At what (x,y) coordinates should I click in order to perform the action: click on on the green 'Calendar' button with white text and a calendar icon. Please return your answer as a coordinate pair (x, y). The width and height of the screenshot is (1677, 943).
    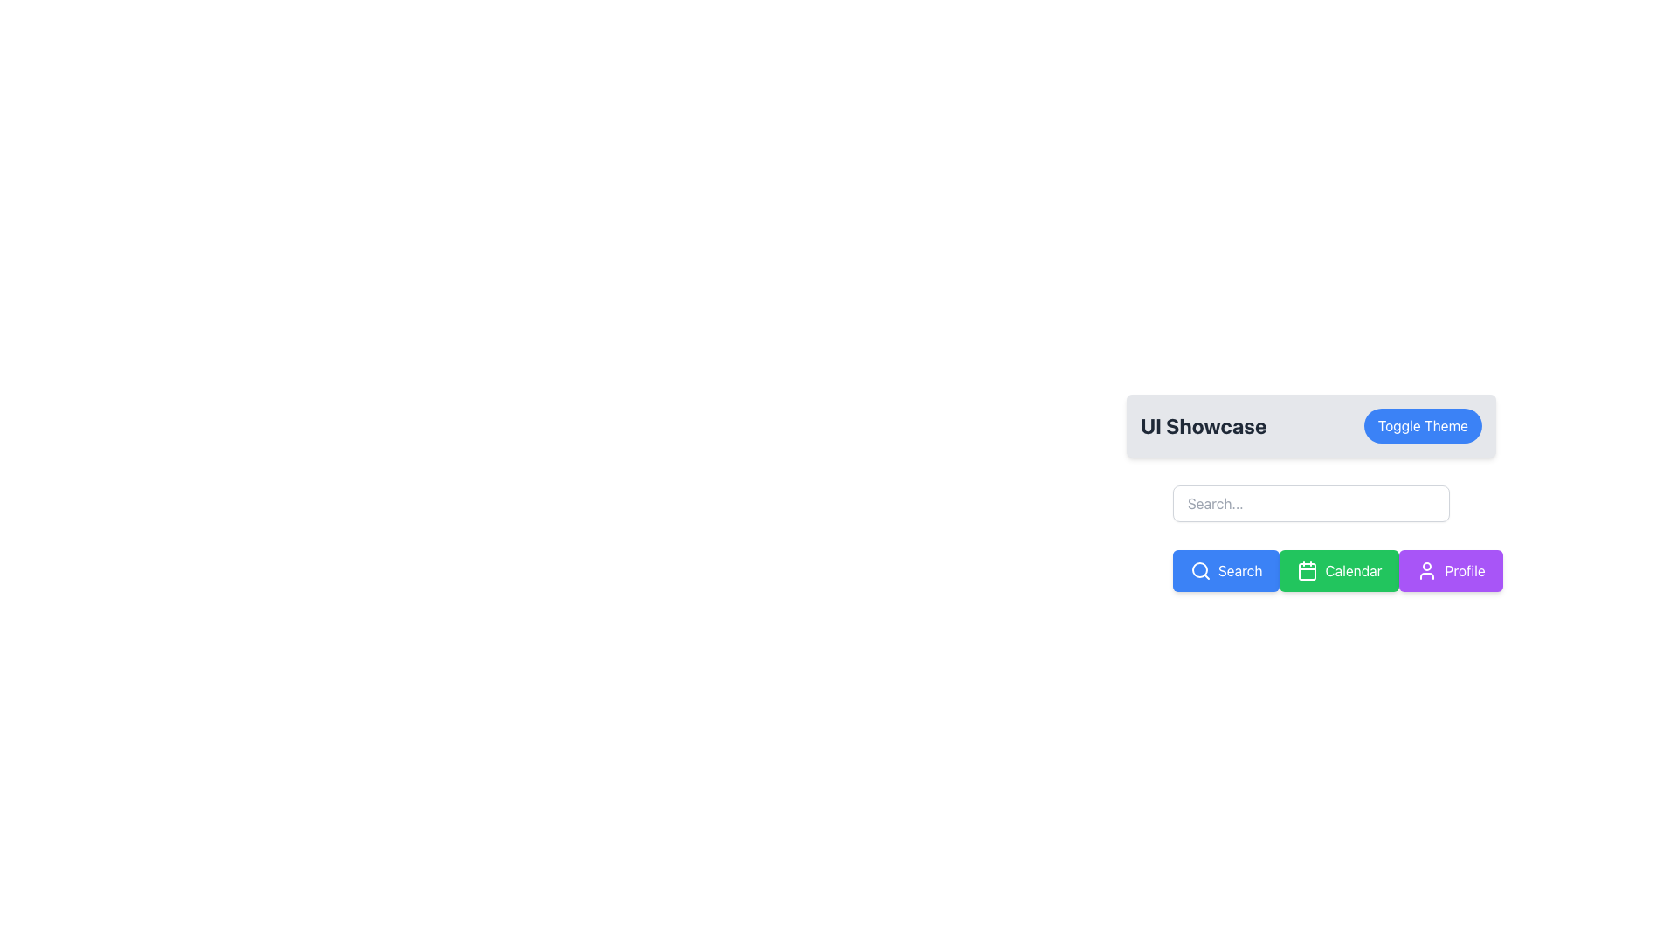
    Looking at the image, I should click on (1338, 571).